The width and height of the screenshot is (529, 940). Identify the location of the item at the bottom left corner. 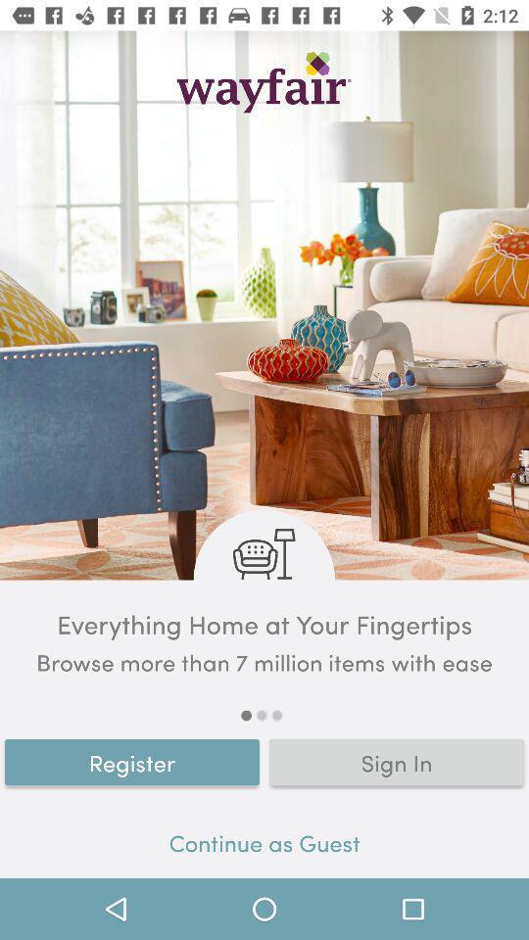
(132, 761).